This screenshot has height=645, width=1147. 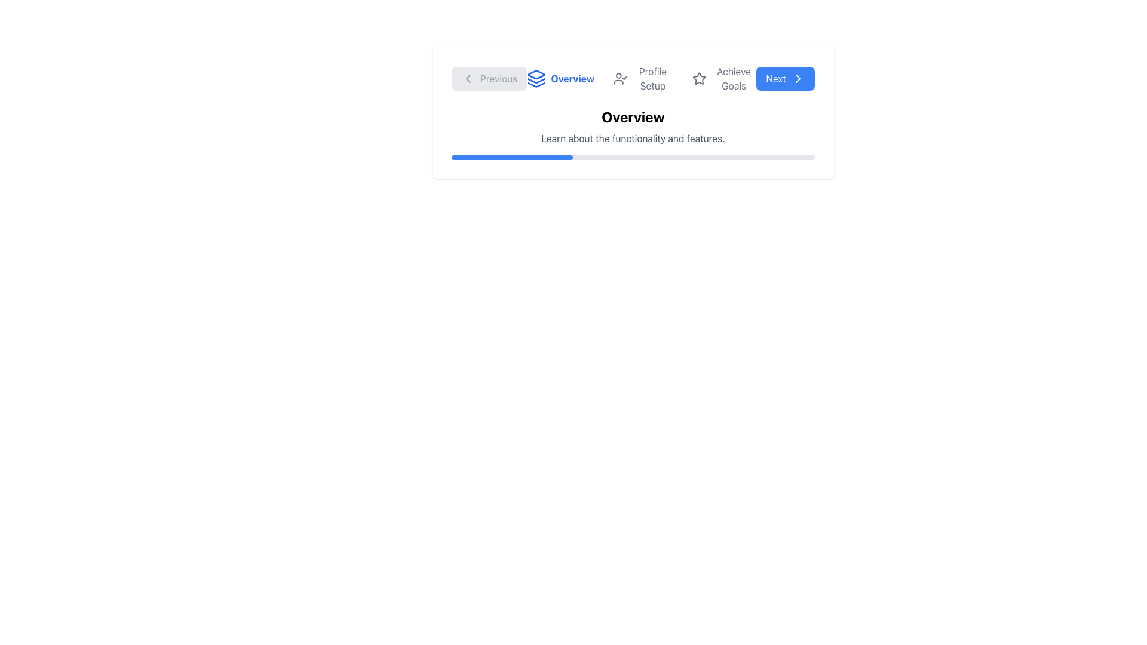 What do you see at coordinates (633, 137) in the screenshot?
I see `static text element displaying 'Learn about the functionality and features.' which is positioned centrally below the 'Overview' heading` at bounding box center [633, 137].